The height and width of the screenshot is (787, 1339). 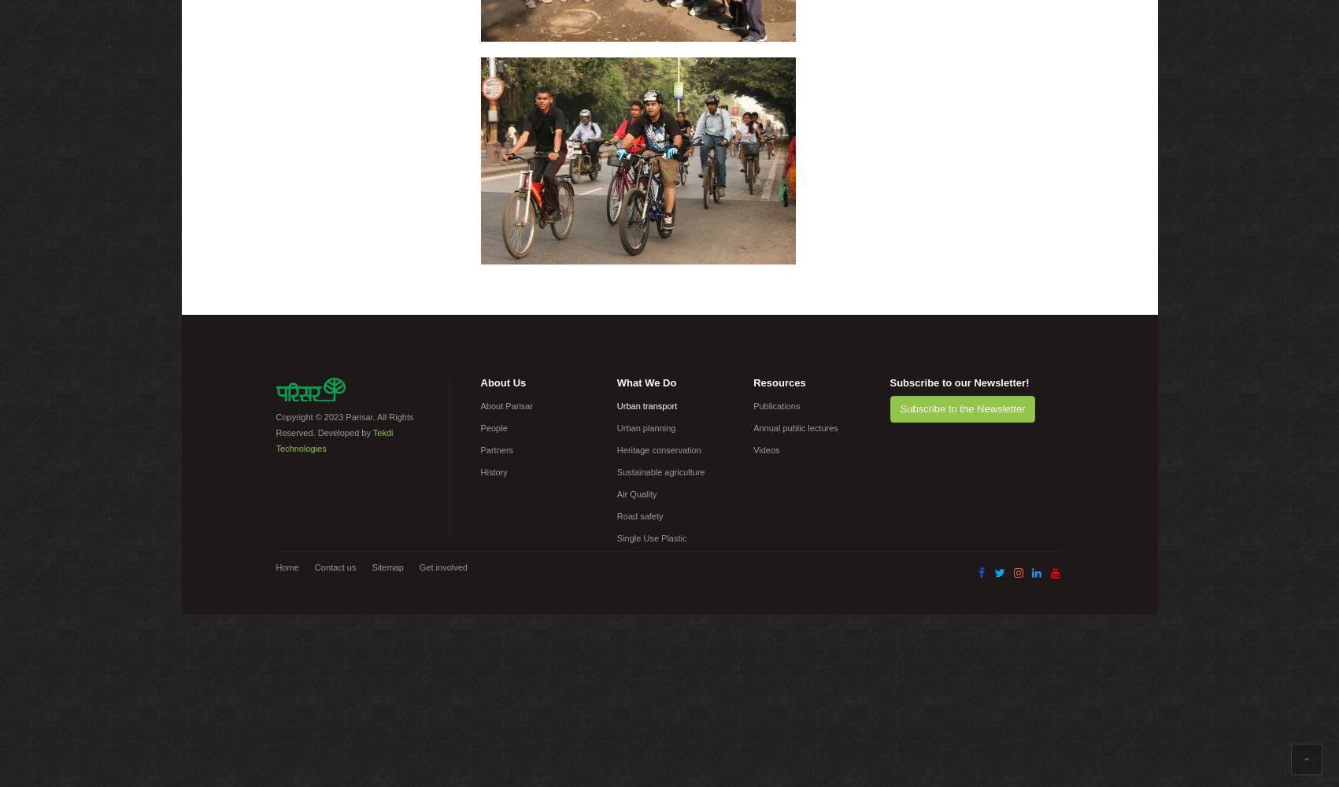 I want to click on 'Road safety', so click(x=639, y=516).